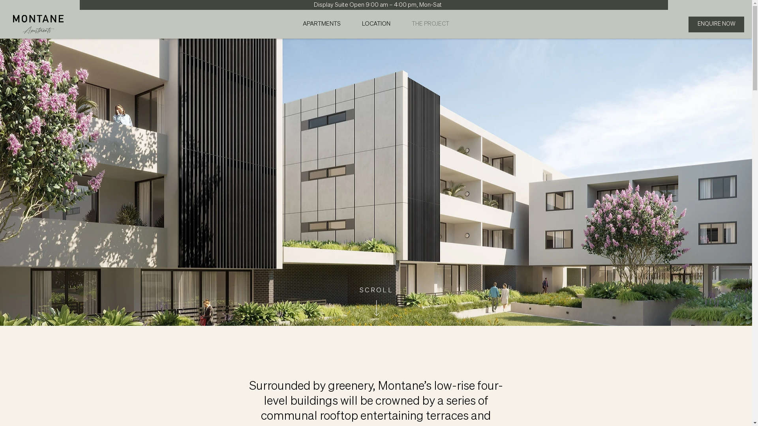 The image size is (758, 426). I want to click on 'LOCATION', so click(376, 24).